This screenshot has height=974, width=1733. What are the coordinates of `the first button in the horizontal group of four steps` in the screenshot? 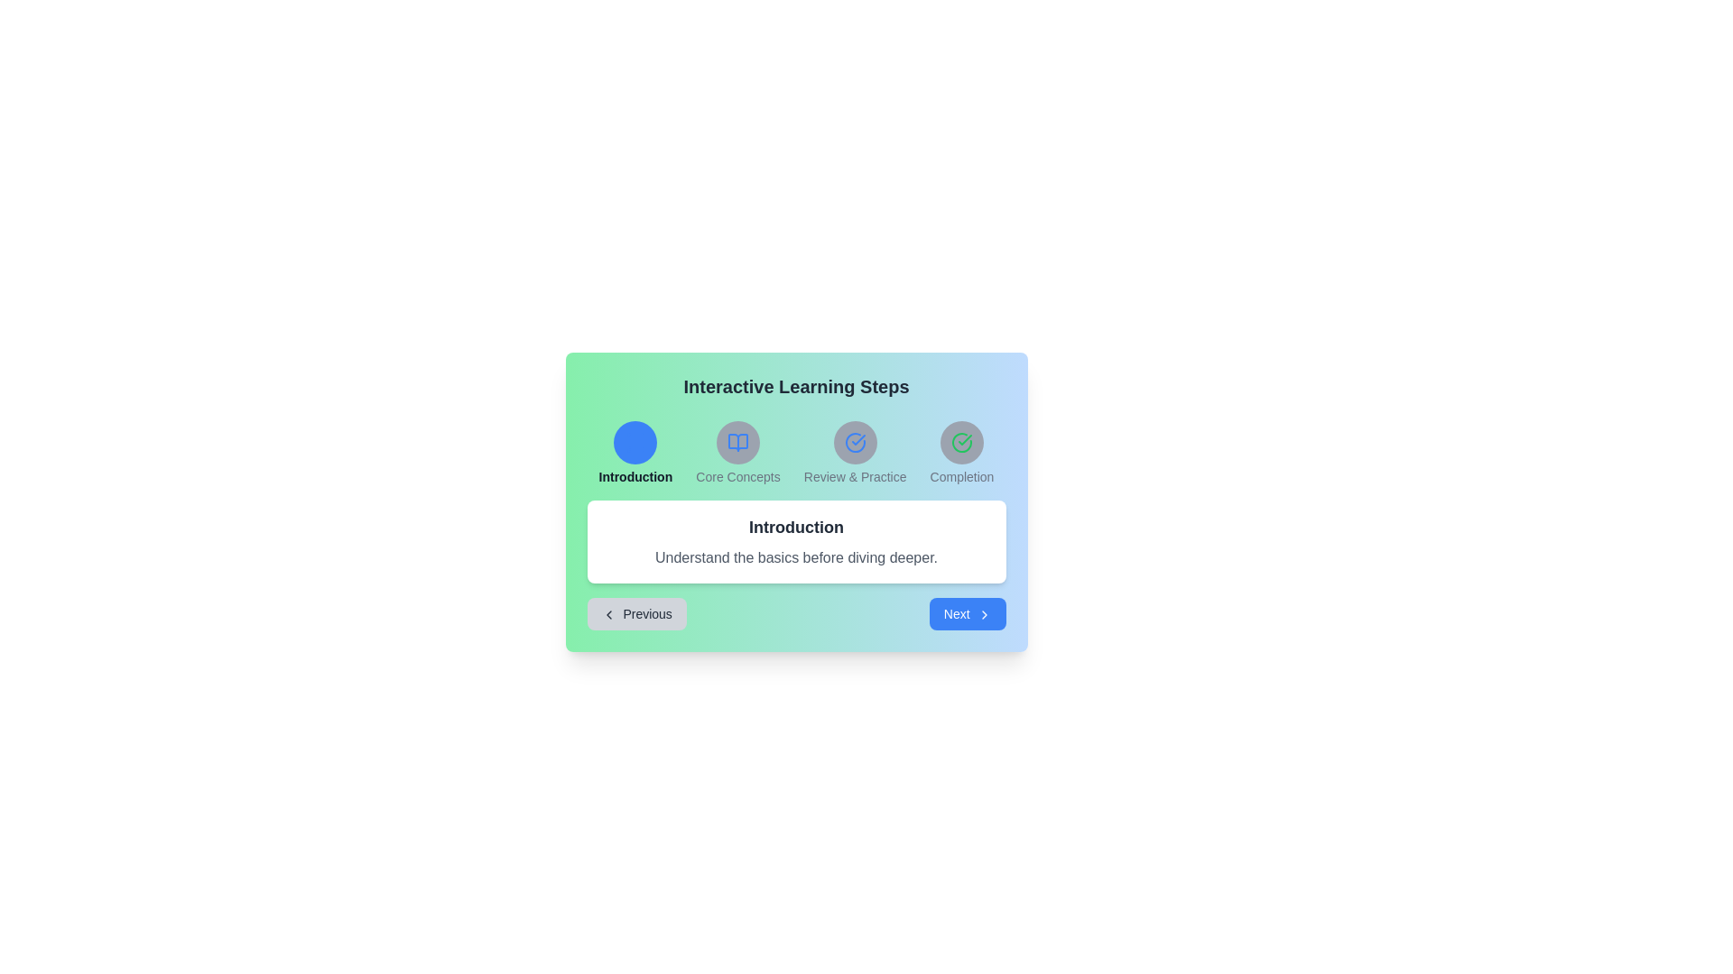 It's located at (635, 442).